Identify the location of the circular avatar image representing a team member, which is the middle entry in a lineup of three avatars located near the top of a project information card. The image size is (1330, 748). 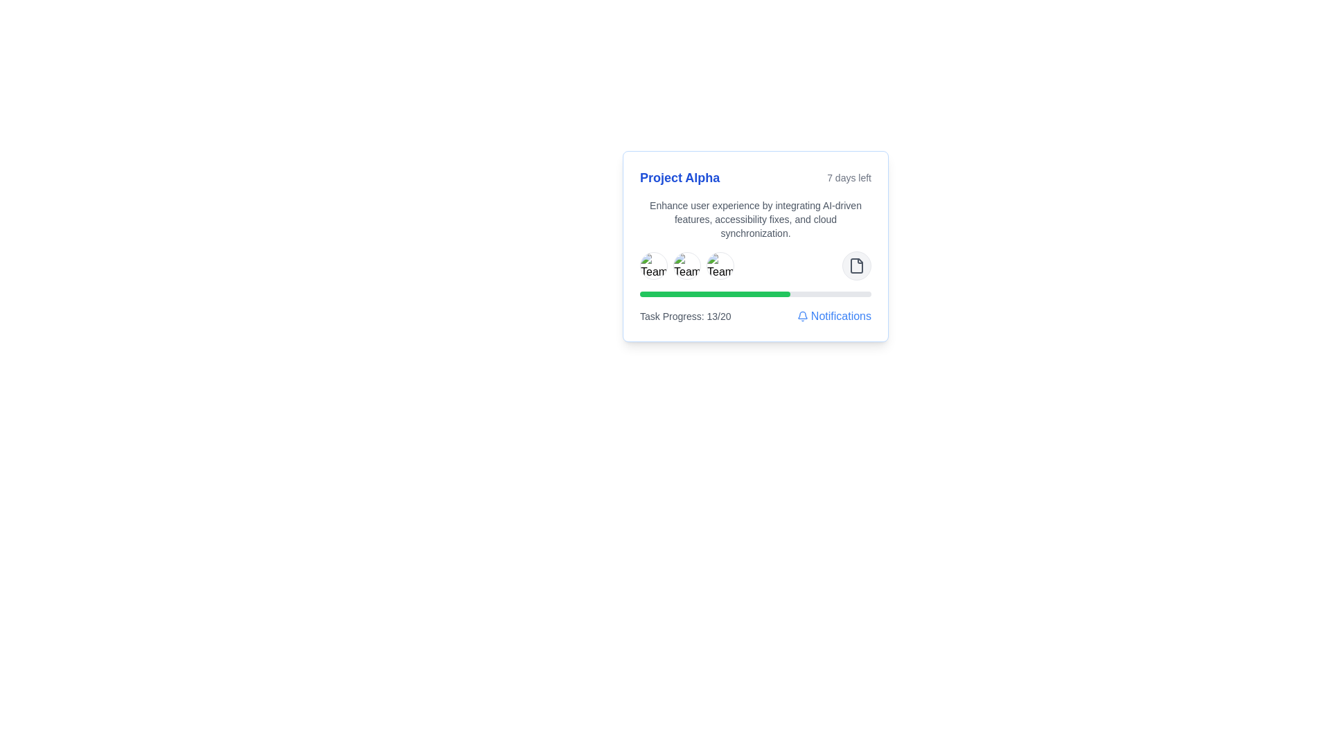
(687, 266).